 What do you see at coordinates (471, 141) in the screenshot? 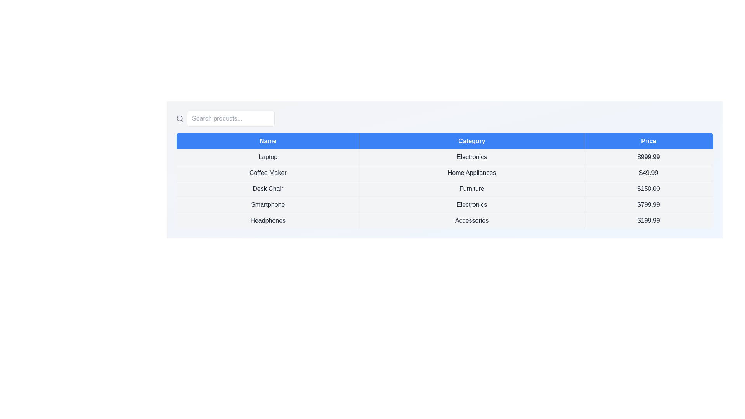
I see `the 'Category' header text label, which is styled with a blue background and white text, to potentially see tooltips` at bounding box center [471, 141].